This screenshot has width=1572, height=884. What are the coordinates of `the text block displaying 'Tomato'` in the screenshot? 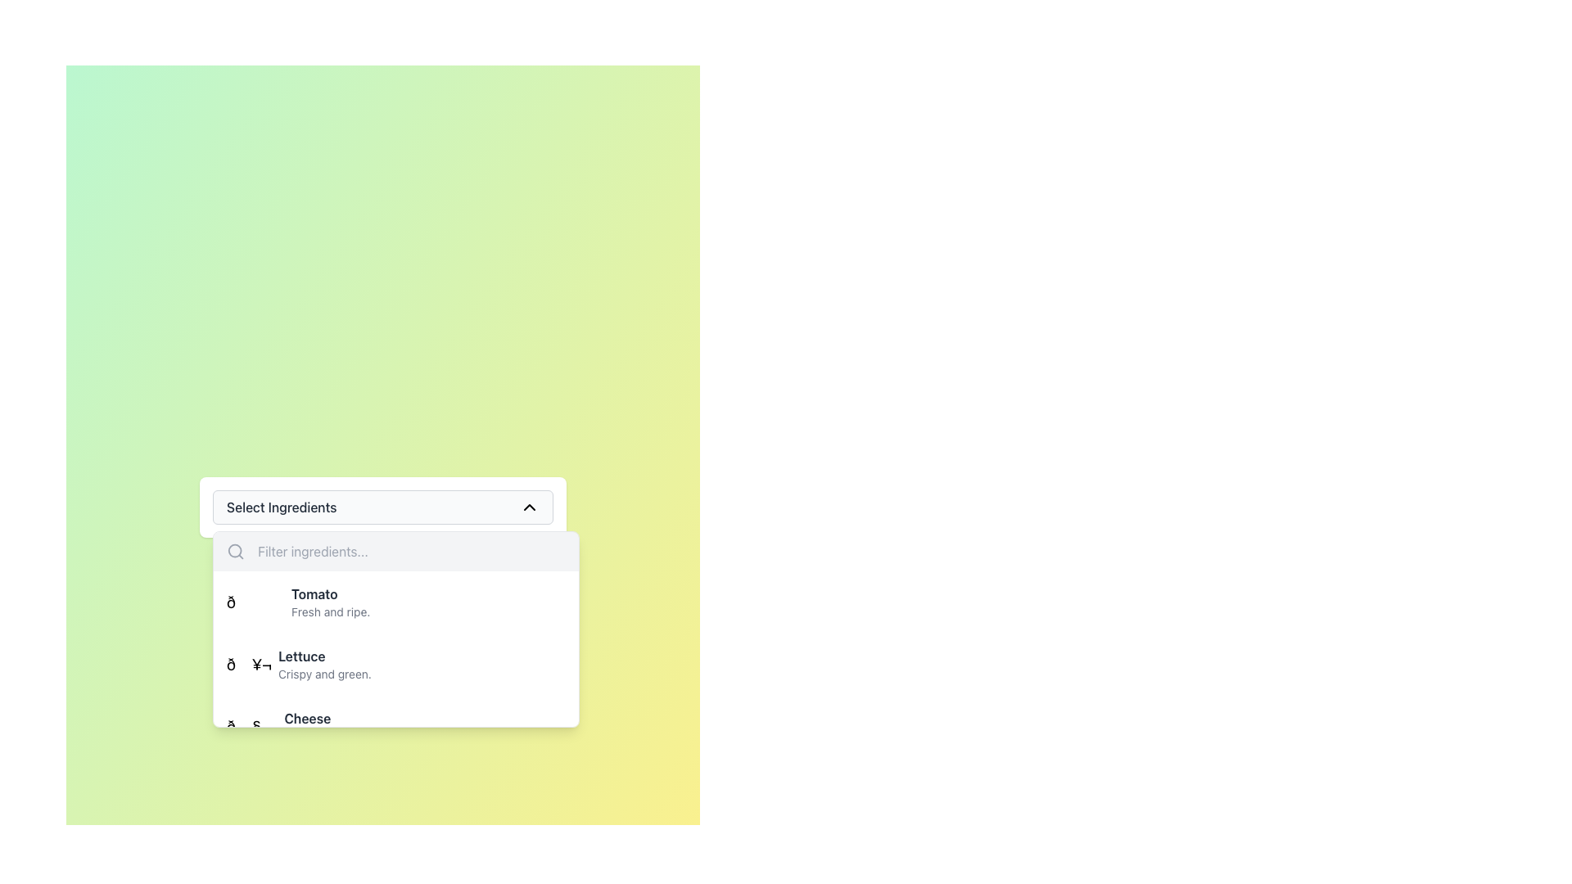 It's located at (330, 602).